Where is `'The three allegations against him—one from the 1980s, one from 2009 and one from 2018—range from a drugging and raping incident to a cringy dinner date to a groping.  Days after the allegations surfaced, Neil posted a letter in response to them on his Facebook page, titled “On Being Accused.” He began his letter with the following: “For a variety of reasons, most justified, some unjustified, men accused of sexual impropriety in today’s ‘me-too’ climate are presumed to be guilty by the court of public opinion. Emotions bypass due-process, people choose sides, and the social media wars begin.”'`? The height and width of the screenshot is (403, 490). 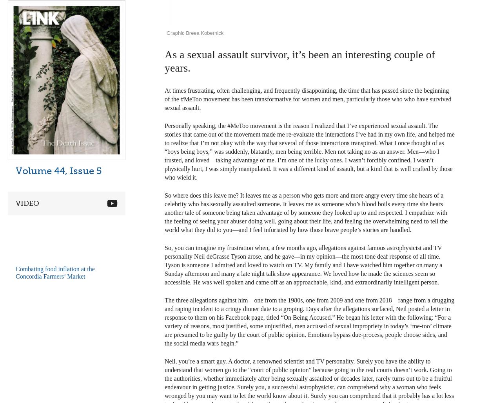 'The three allegations against him—one from the 1980s, one from 2009 and one from 2018—range from a drugging and raping incident to a cringy dinner date to a groping.  Days after the allegations surfaced, Neil posted a letter in response to them on his Facebook page, titled “On Being Accused.” He began his letter with the following: “For a variety of reasons, most justified, some unjustified, men accused of sexual impropriety in today’s ‘me-too’ climate are presumed to be guilty by the court of public opinion. Emotions bypass due-process, people choose sides, and the social media wars begin.”' is located at coordinates (309, 321).